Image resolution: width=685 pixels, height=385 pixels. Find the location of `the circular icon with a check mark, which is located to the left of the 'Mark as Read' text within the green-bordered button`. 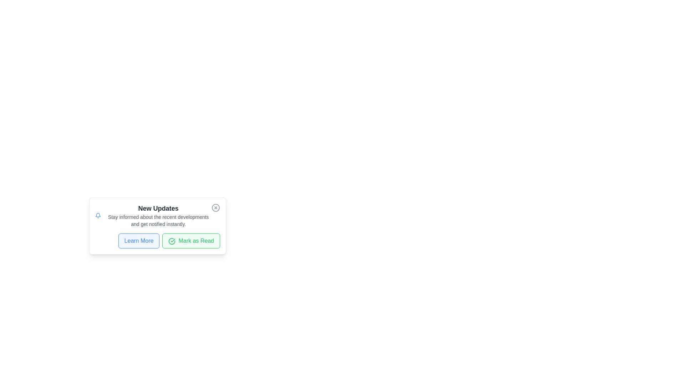

the circular icon with a check mark, which is located to the left of the 'Mark as Read' text within the green-bordered button is located at coordinates (172, 241).